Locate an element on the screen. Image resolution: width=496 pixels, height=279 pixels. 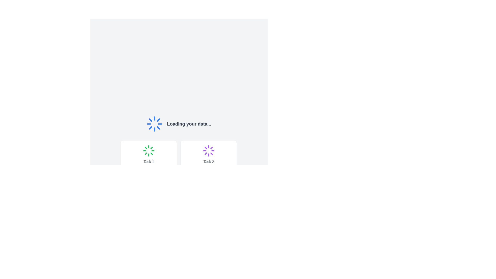
the text label indicating the ongoing data loading process, located to the right of the spinning loader icon is located at coordinates (189, 124).